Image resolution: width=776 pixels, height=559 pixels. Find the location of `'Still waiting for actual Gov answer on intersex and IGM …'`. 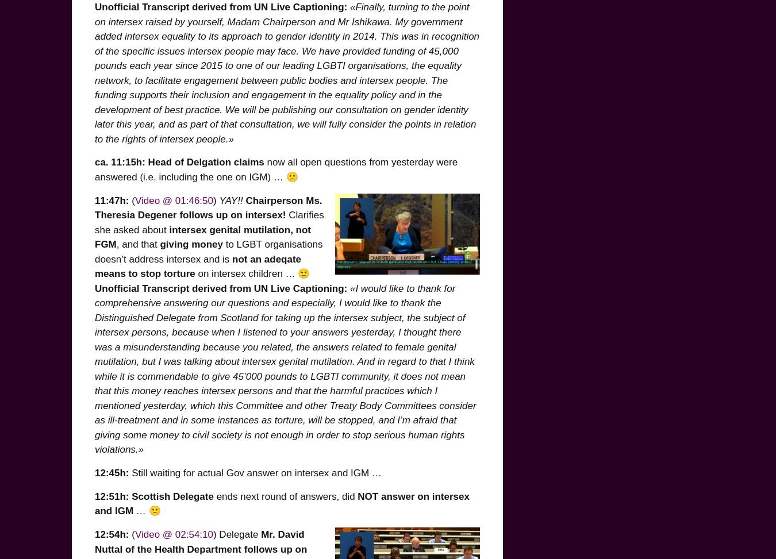

'Still waiting for actual Gov answer on intersex and IGM …' is located at coordinates (255, 472).